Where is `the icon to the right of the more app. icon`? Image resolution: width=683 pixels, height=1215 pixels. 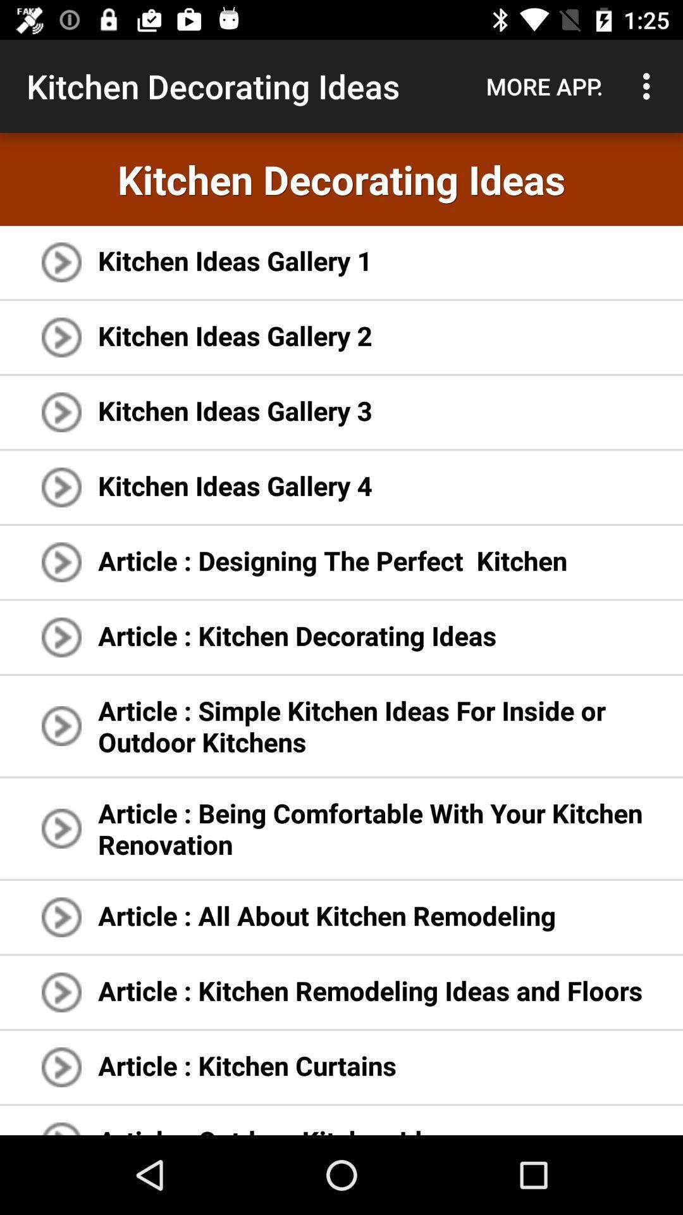 the icon to the right of the more app. icon is located at coordinates (649, 85).